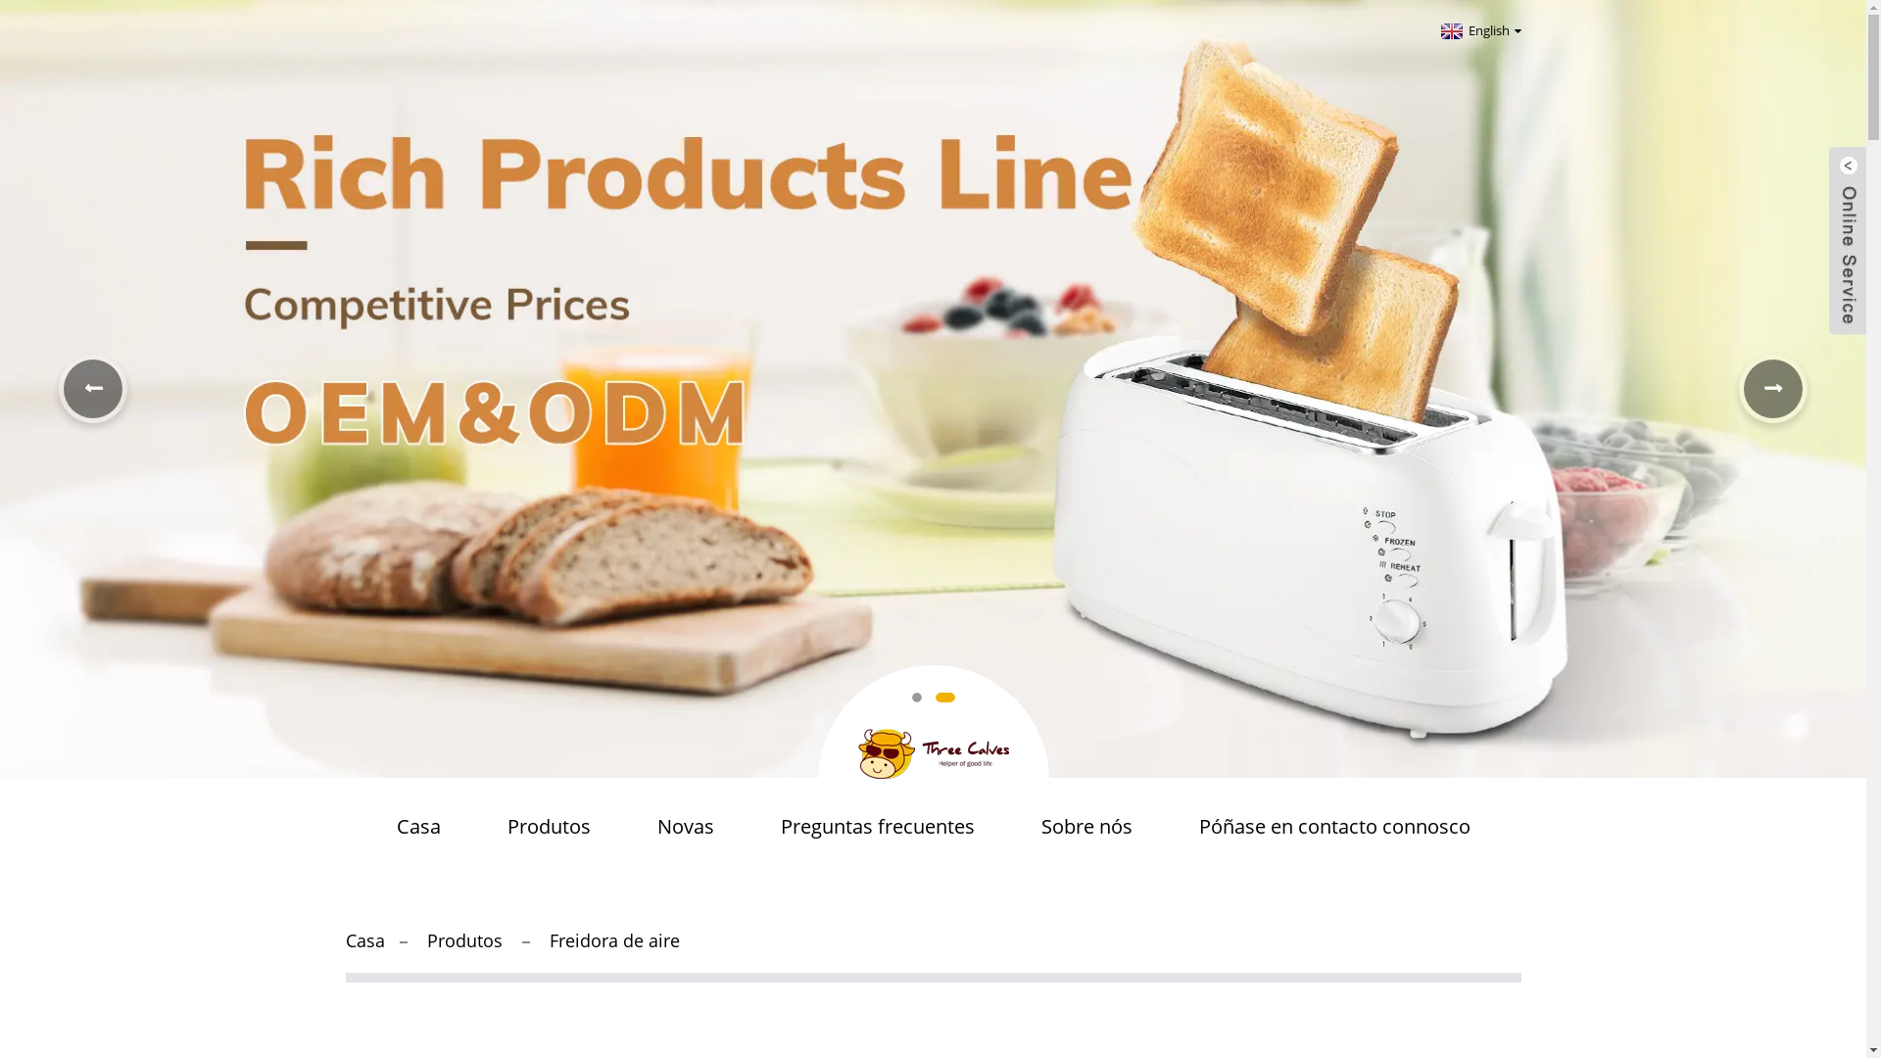 The image size is (1881, 1058). Describe the element at coordinates (612, 939) in the screenshot. I see `'Freidora de aire'` at that location.